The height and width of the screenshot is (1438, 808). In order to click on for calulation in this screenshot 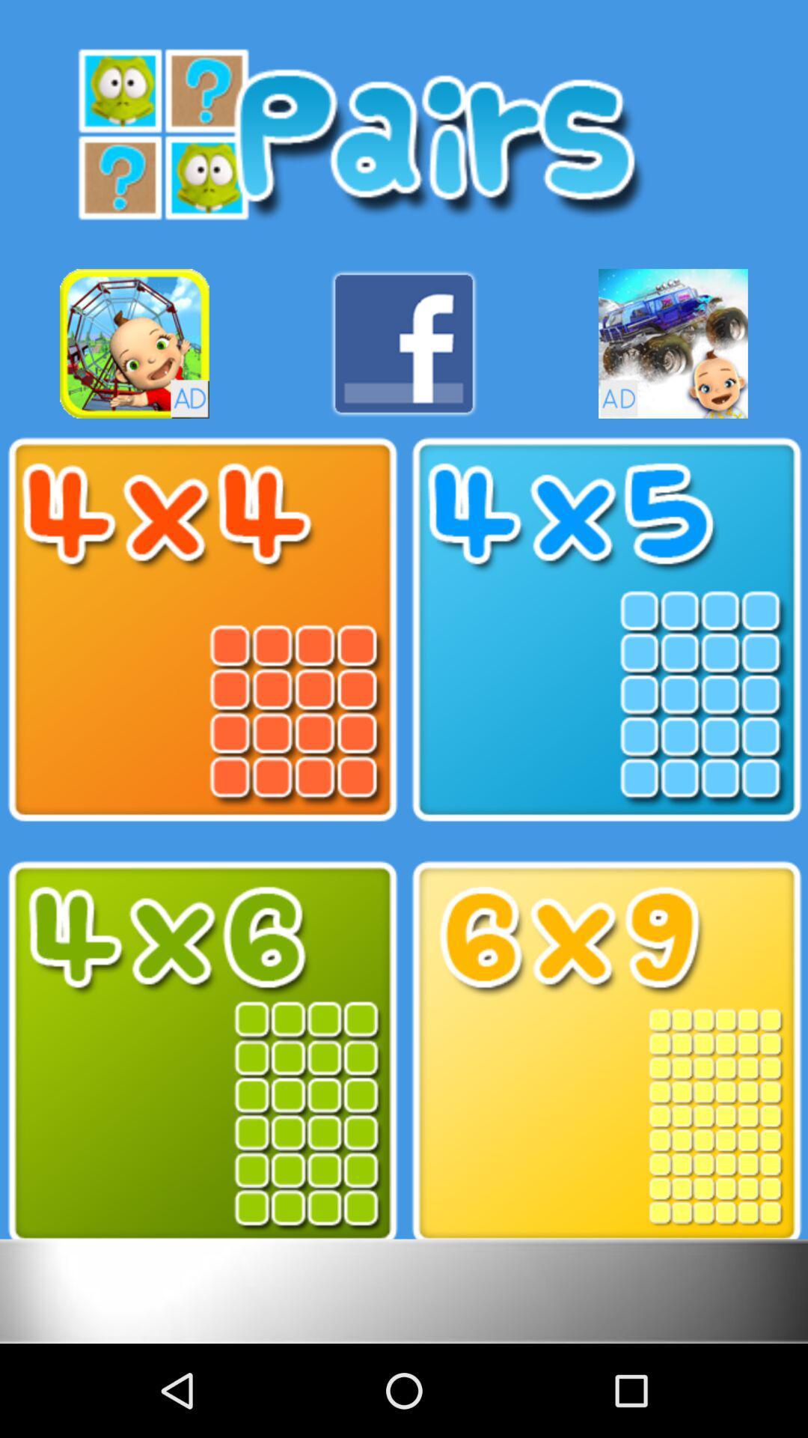, I will do `click(606, 1052)`.